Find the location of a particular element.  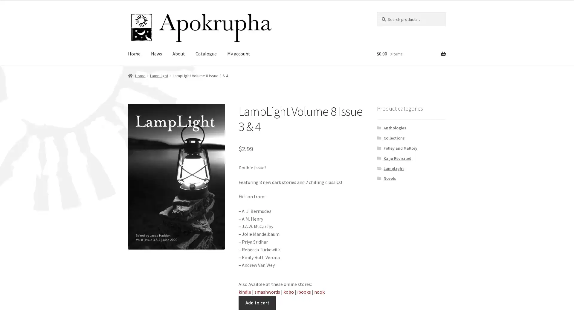

Add to cart is located at coordinates (257, 303).